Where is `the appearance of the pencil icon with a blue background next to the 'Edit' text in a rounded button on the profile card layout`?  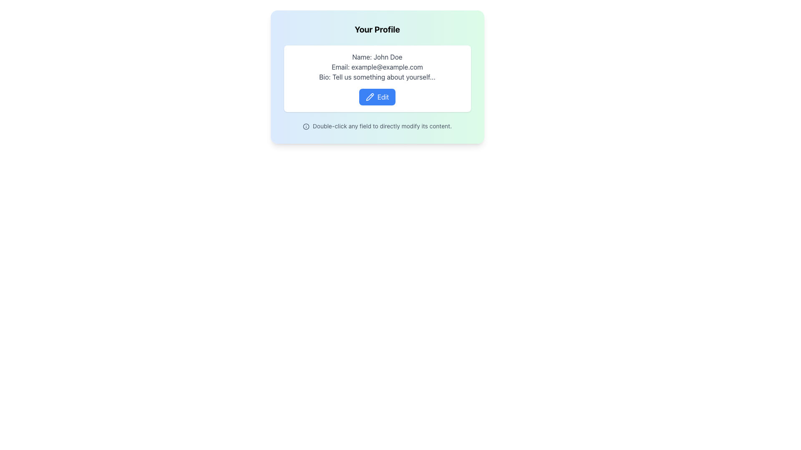 the appearance of the pencil icon with a blue background next to the 'Edit' text in a rounded button on the profile card layout is located at coordinates (369, 96).